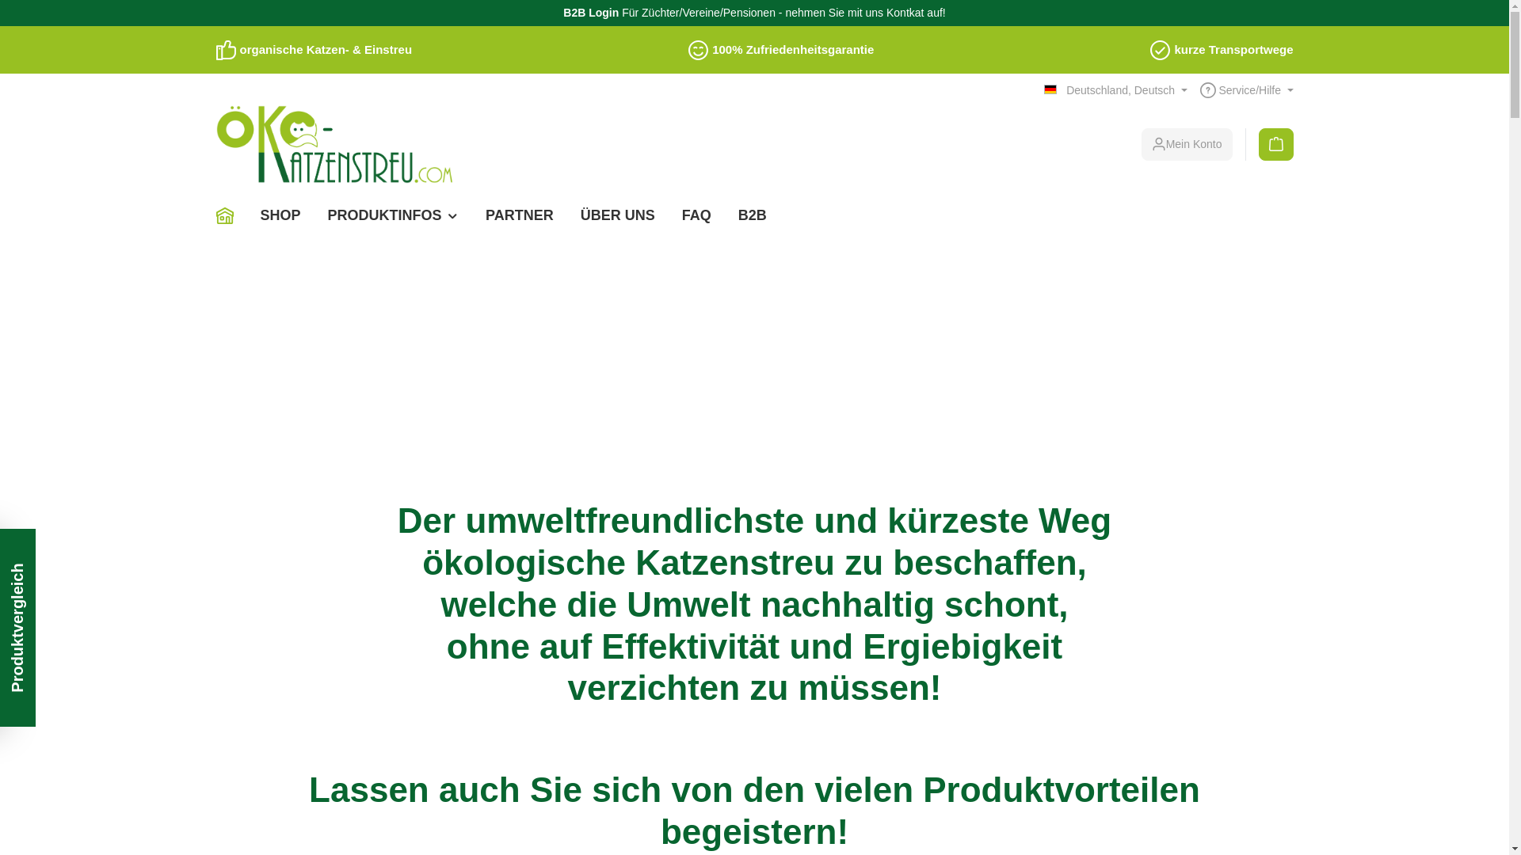 The height and width of the screenshot is (855, 1521). Describe the element at coordinates (1269, 144) in the screenshot. I see `'Warenkorb'` at that location.